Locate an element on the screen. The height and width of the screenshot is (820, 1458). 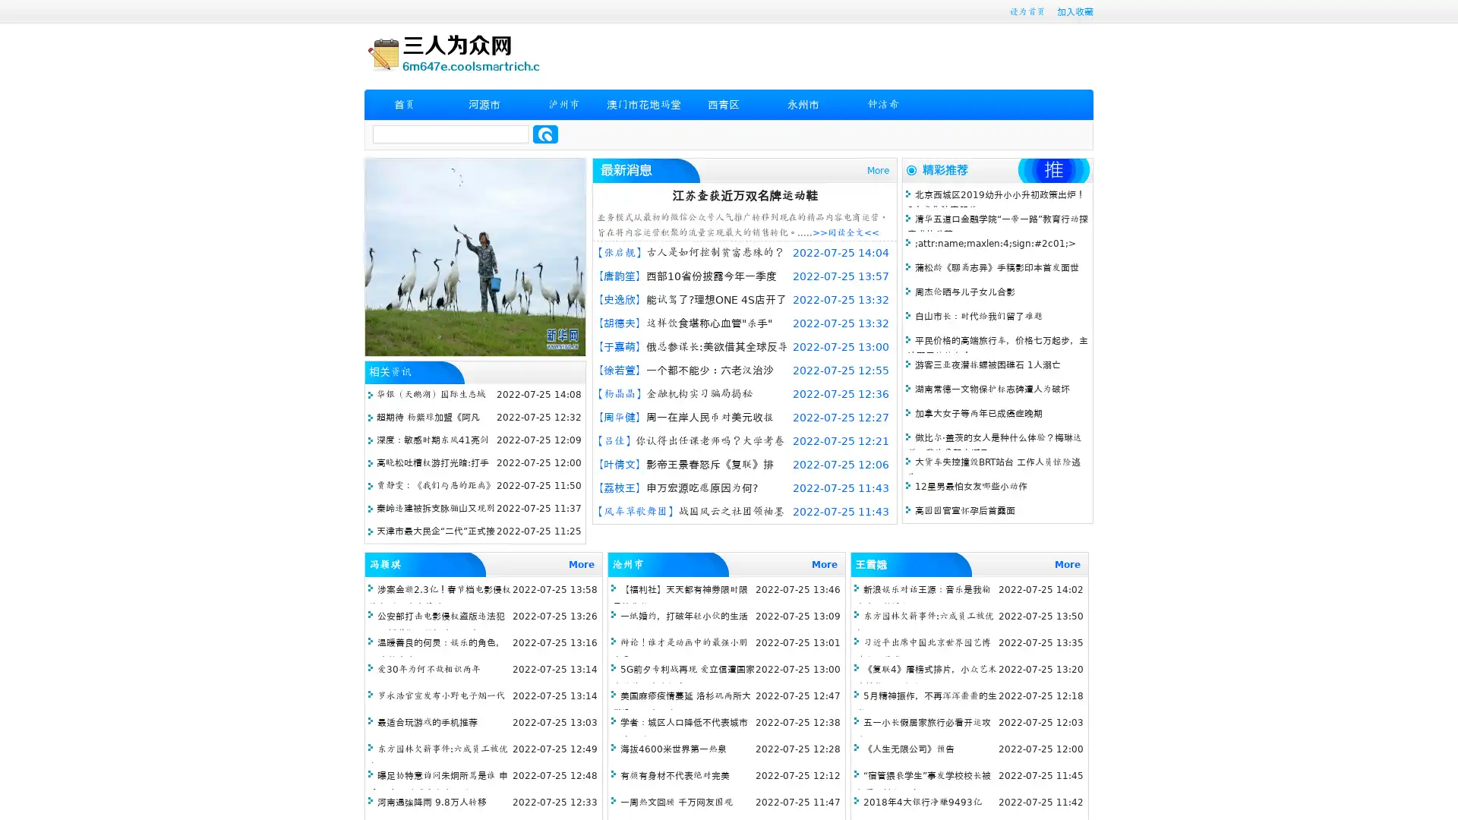
Search is located at coordinates (545, 134).